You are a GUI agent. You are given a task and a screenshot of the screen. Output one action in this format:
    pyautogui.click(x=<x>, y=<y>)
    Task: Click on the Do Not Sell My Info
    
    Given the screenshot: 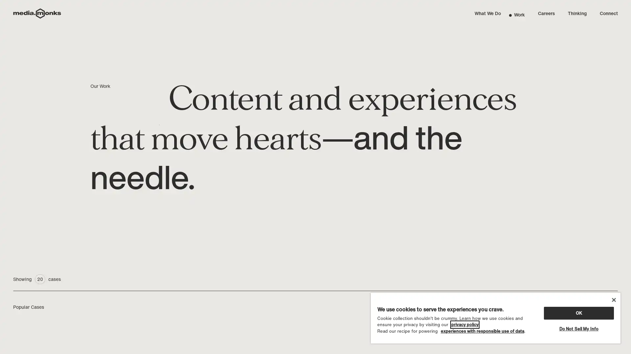 What is the action you would take?
    pyautogui.click(x=578, y=328)
    